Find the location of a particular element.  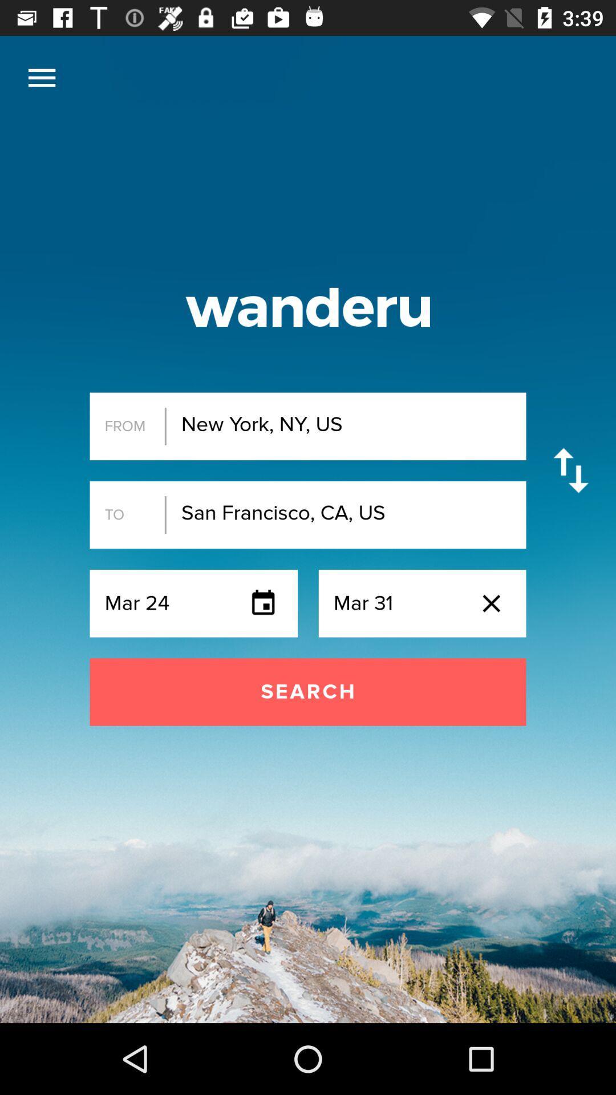

the item above the search item is located at coordinates (41, 77).